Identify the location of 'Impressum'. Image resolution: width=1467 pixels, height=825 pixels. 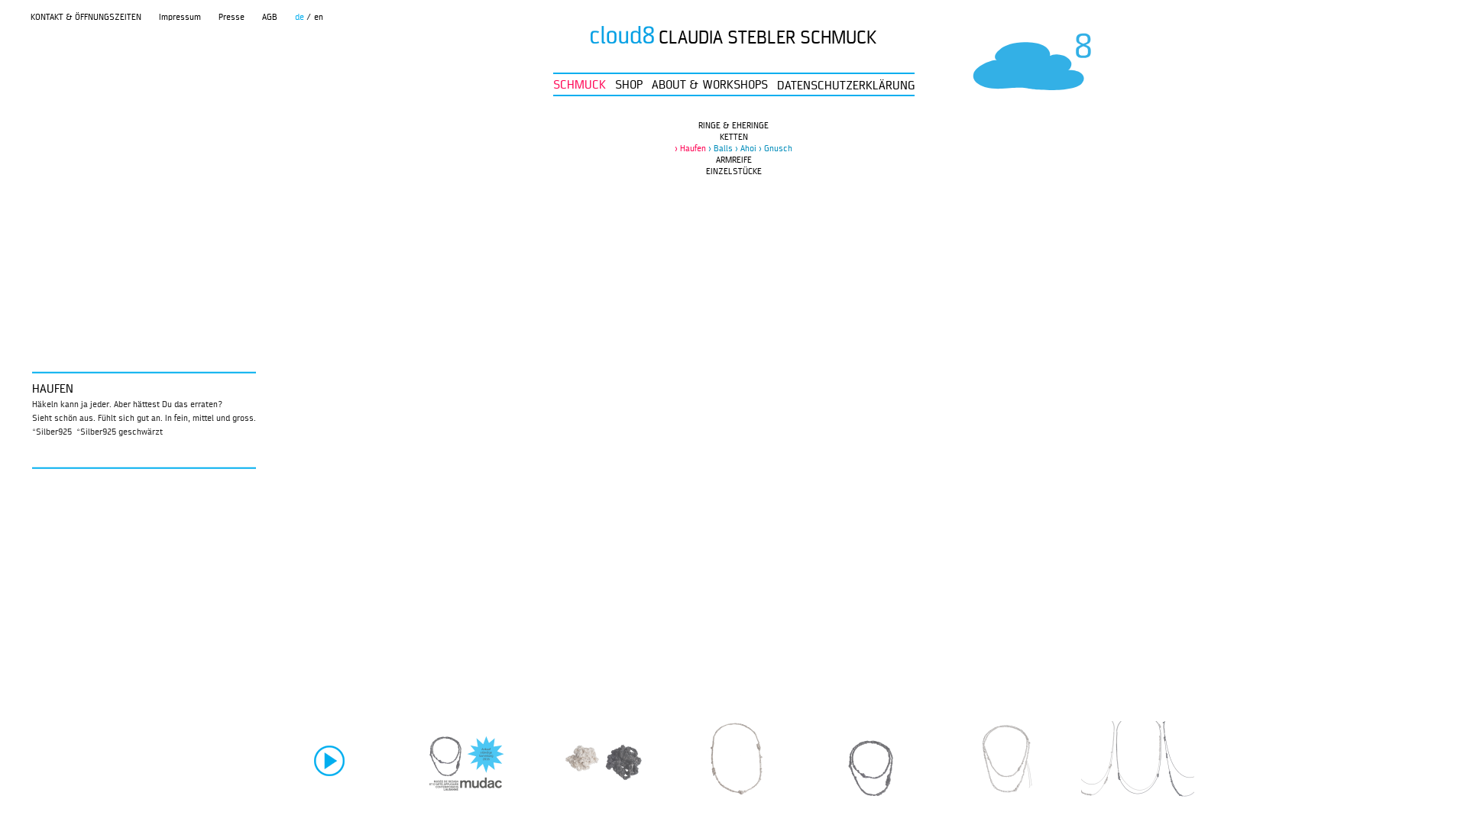
(180, 18).